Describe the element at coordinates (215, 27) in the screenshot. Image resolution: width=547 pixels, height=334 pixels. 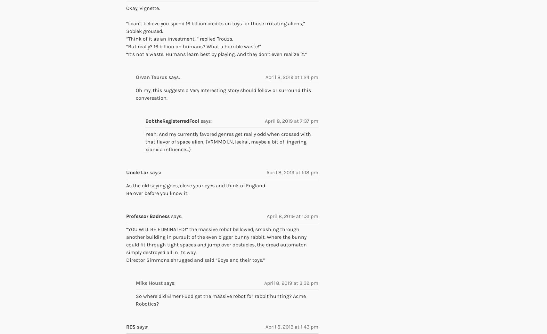
I see `'“I can’t believe you spend 16 billion credits on toys for those irritating aliens,” Soblek groused.'` at that location.